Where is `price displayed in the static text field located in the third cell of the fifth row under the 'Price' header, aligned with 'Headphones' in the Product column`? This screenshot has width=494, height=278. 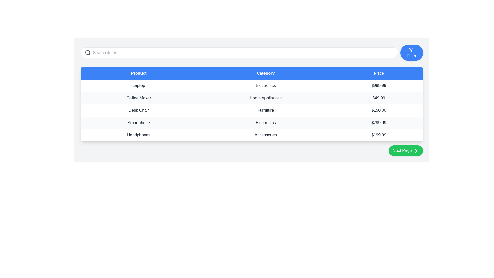
price displayed in the static text field located in the third cell of the fifth row under the 'Price' header, aligned with 'Headphones' in the Product column is located at coordinates (379, 135).